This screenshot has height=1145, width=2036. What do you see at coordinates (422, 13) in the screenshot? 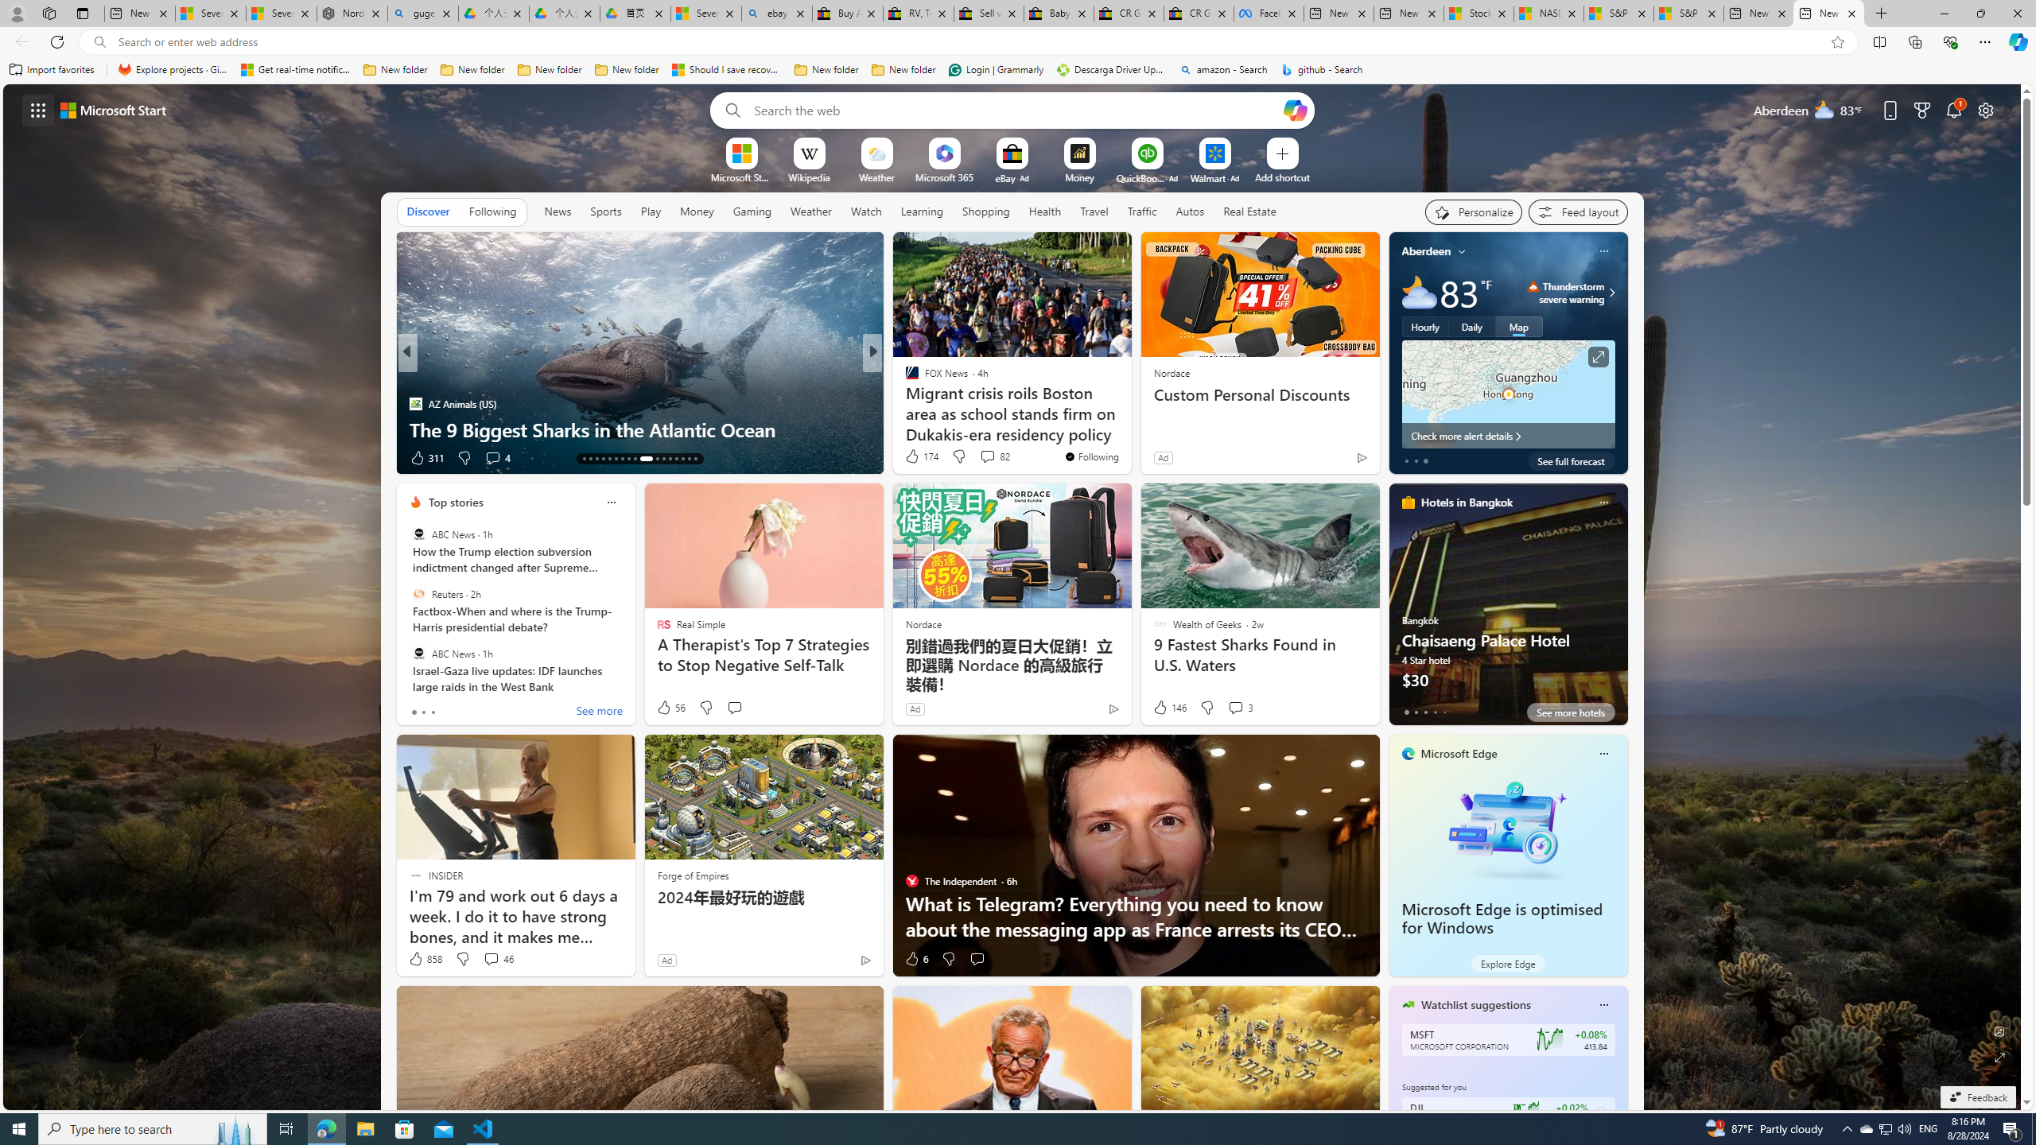
I see `'guge yunpan - Search'` at bounding box center [422, 13].